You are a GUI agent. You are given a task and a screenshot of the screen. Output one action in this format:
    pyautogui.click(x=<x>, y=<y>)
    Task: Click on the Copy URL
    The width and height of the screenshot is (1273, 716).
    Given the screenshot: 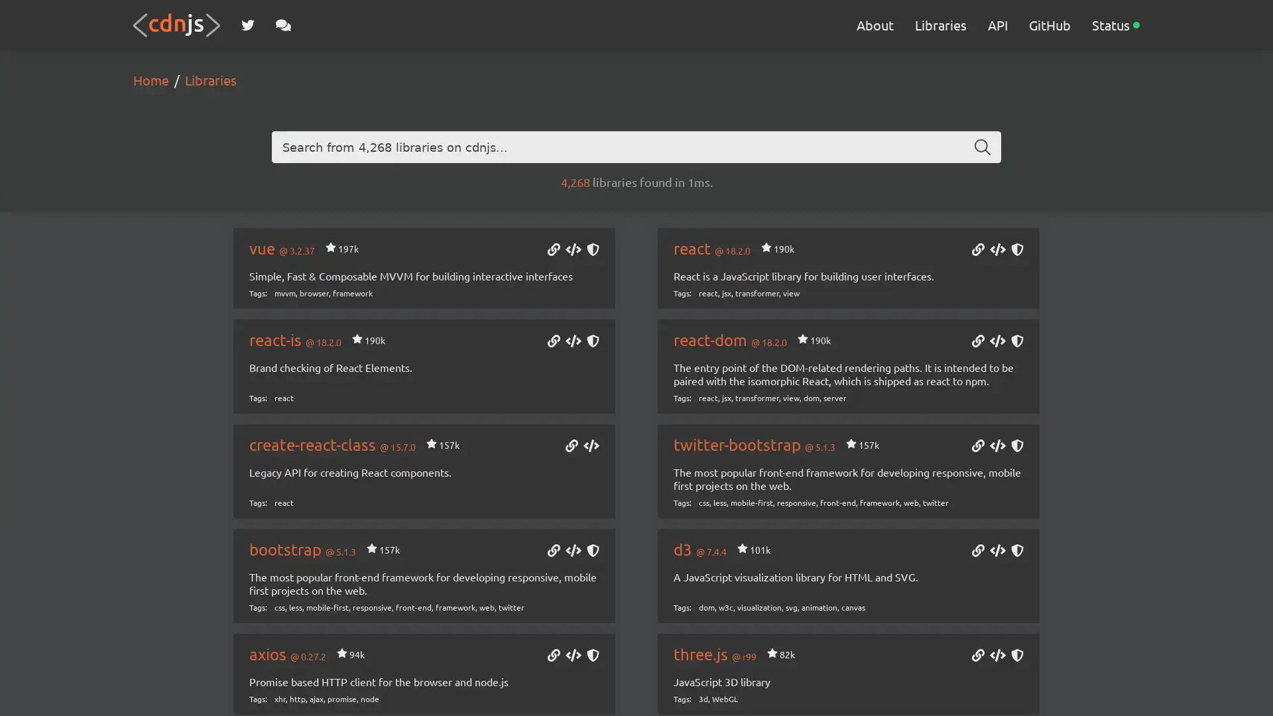 What is the action you would take?
    pyautogui.click(x=553, y=656)
    